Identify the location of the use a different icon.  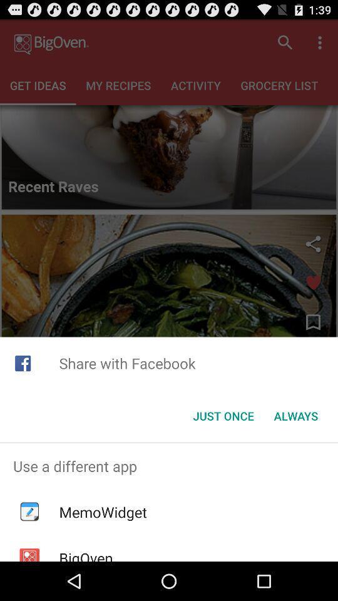
(169, 465).